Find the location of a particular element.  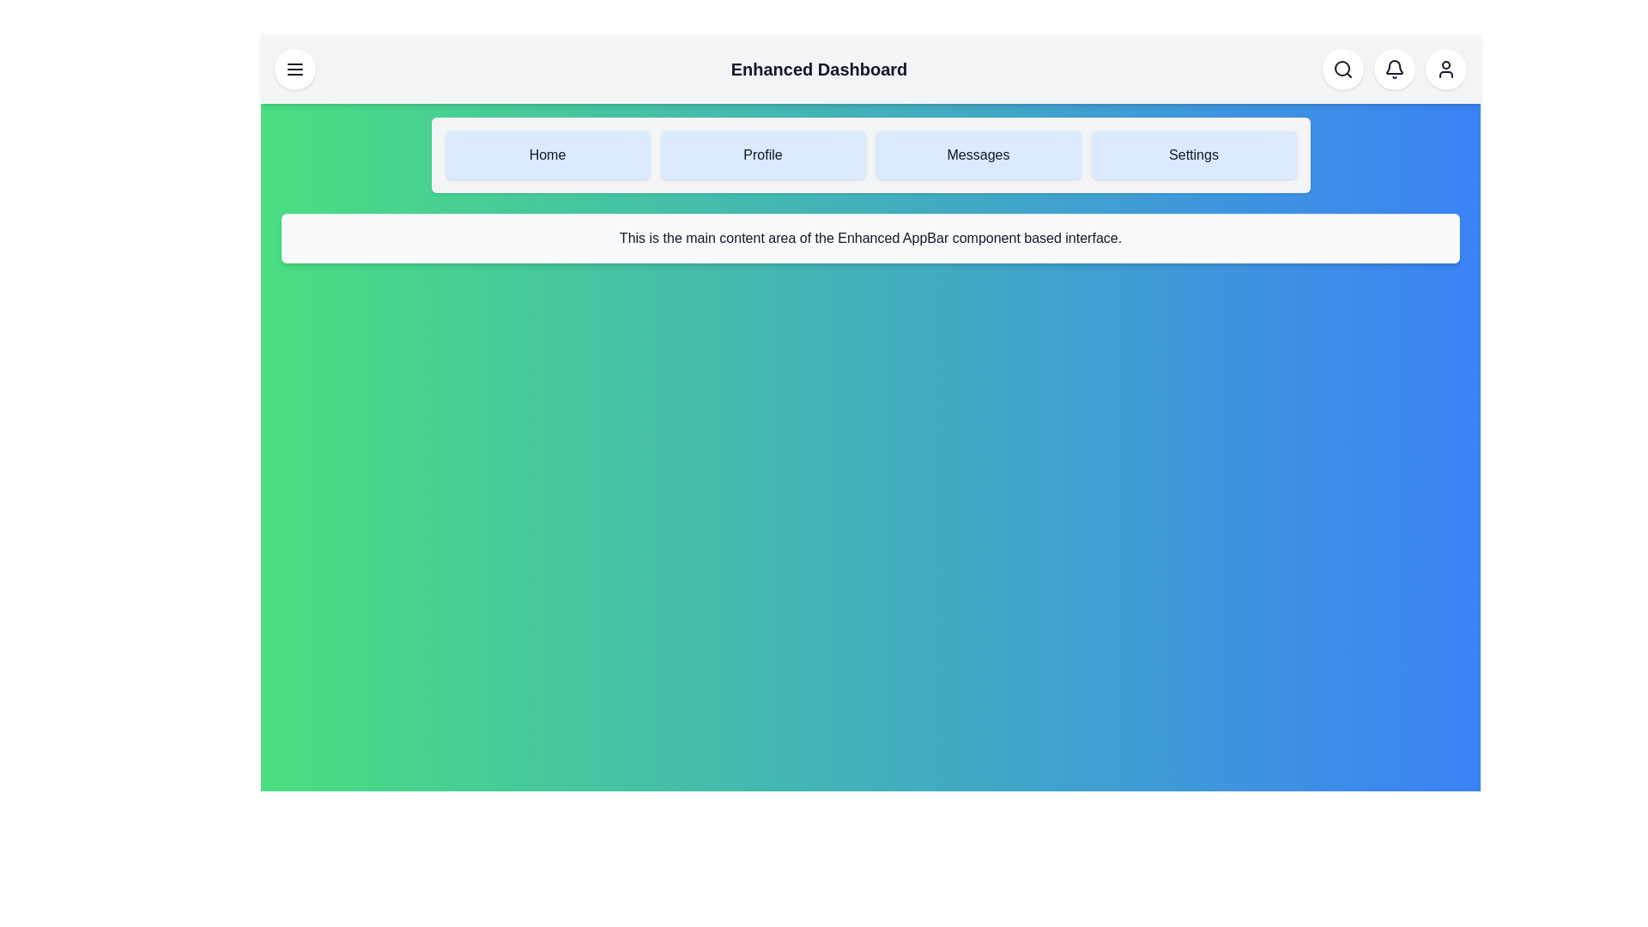

the main content area to select the text is located at coordinates (870, 238).